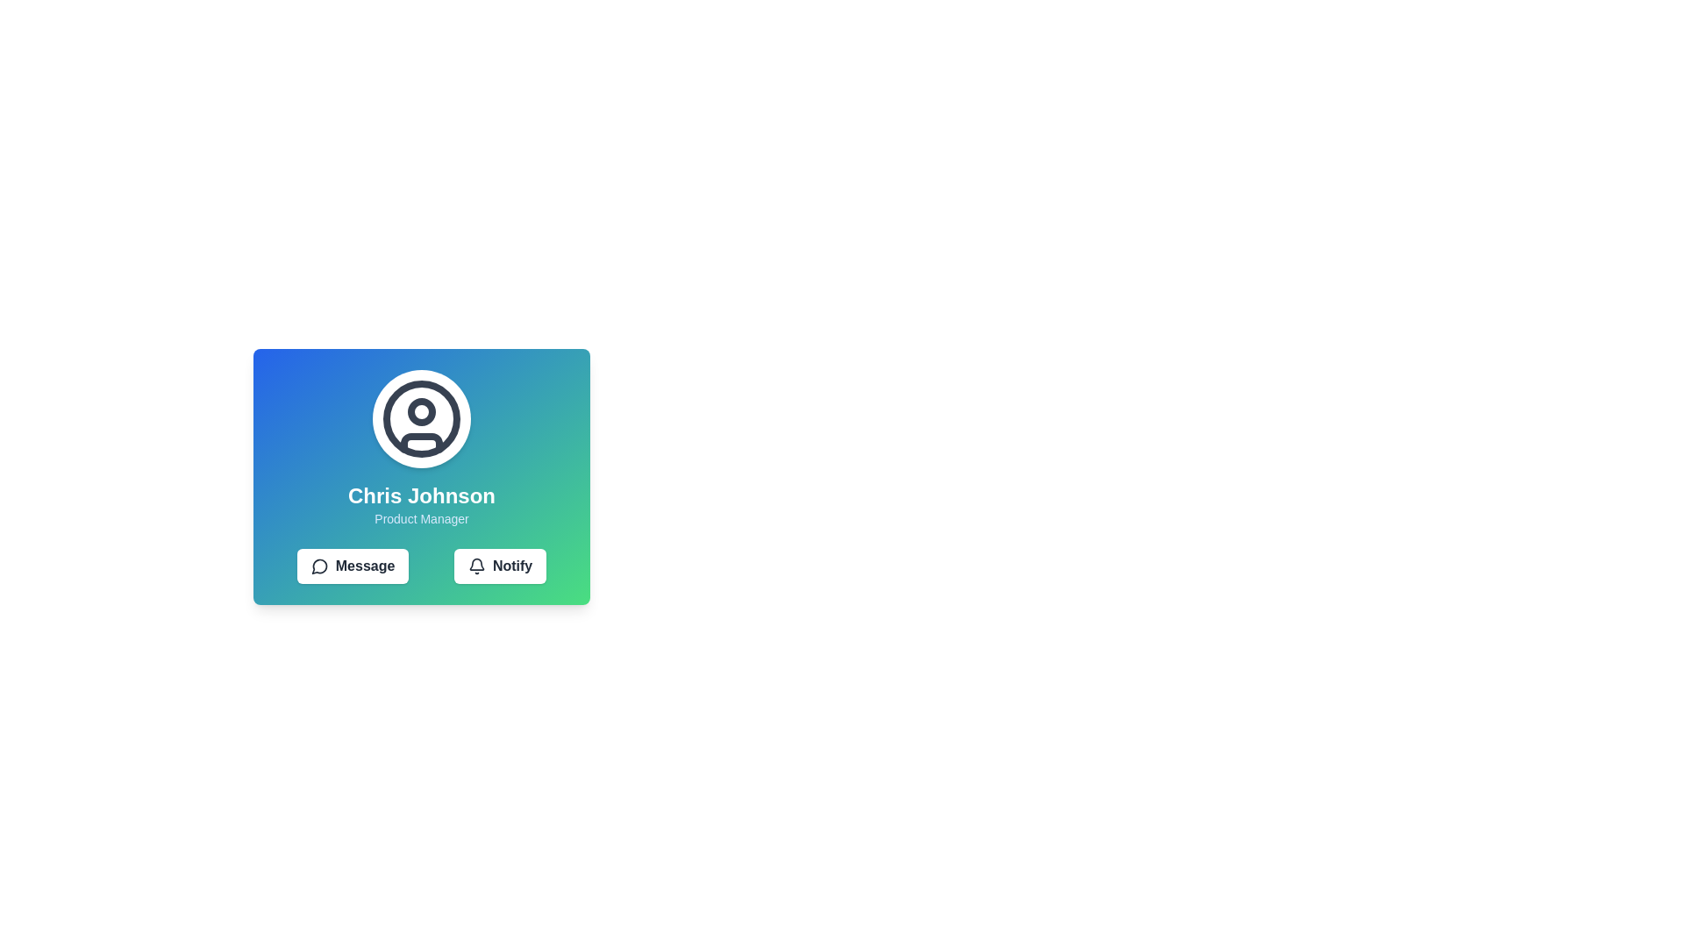  What do you see at coordinates (421, 517) in the screenshot?
I see `the text label displaying 'Product Manager' which is located directly below 'Chris Johnson', centered horizontally in a gradient background` at bounding box center [421, 517].